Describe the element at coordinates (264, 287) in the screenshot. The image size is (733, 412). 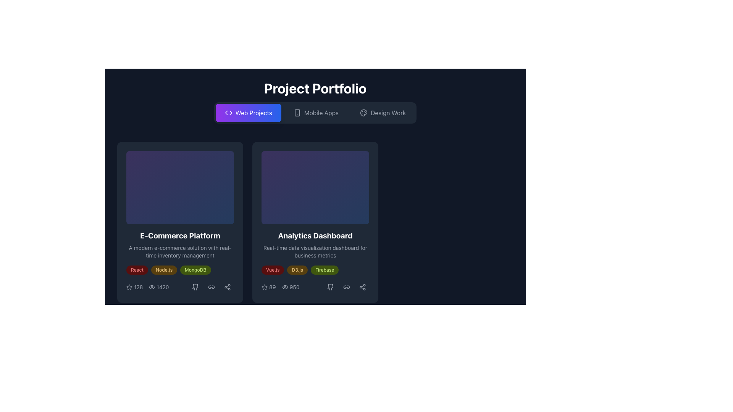
I see `the graphical star icon in the footer of the 'Analytics Dashboard' card, located to the right of the 'Project Portfolio' title` at that location.